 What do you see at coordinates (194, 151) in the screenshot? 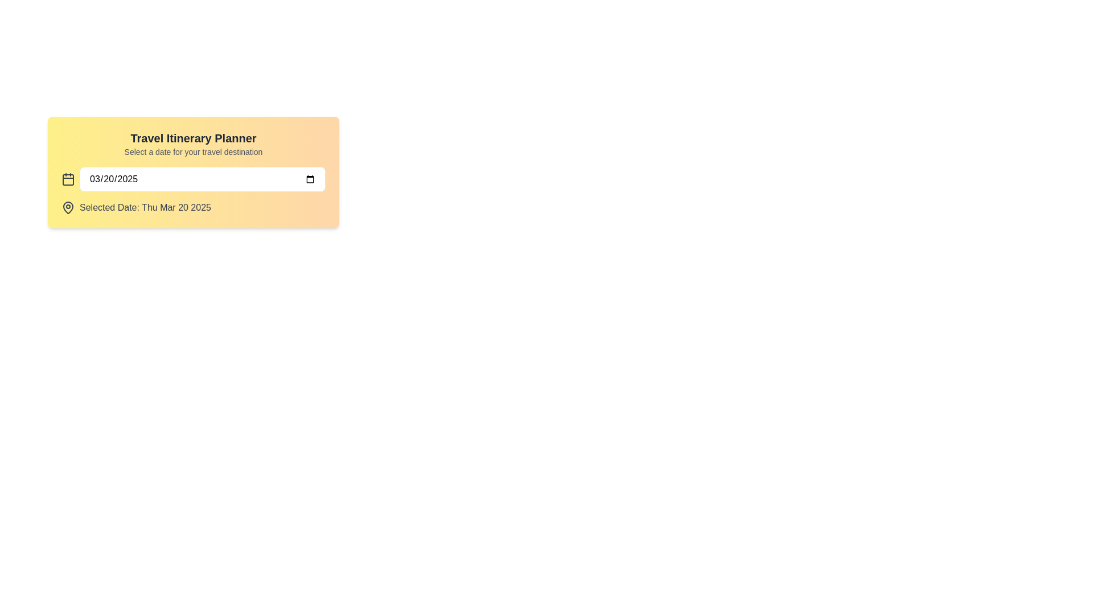
I see `the static text that reads 'Select a date for your travel destination', which is located below the 'Travel Itinerary Planner' heading and above the date selection field` at bounding box center [194, 151].